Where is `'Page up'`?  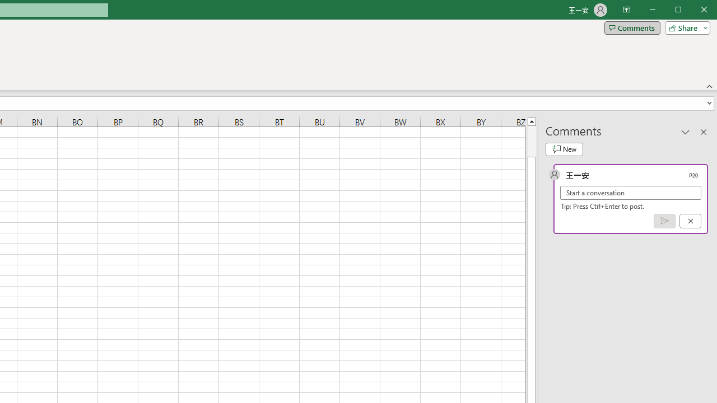 'Page up' is located at coordinates (531, 140).